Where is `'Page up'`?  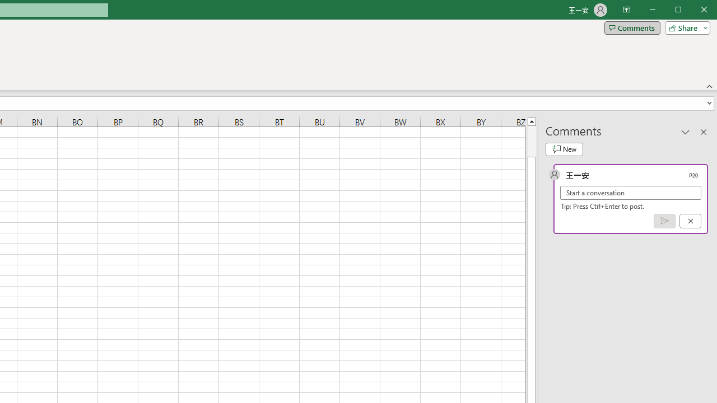 'Page up' is located at coordinates (531, 140).